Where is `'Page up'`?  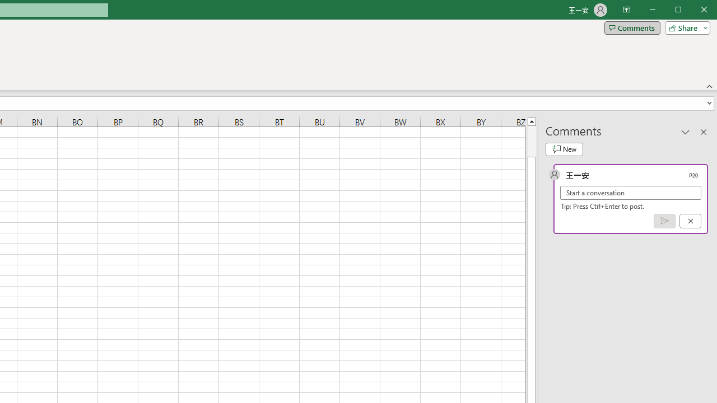 'Page up' is located at coordinates (531, 140).